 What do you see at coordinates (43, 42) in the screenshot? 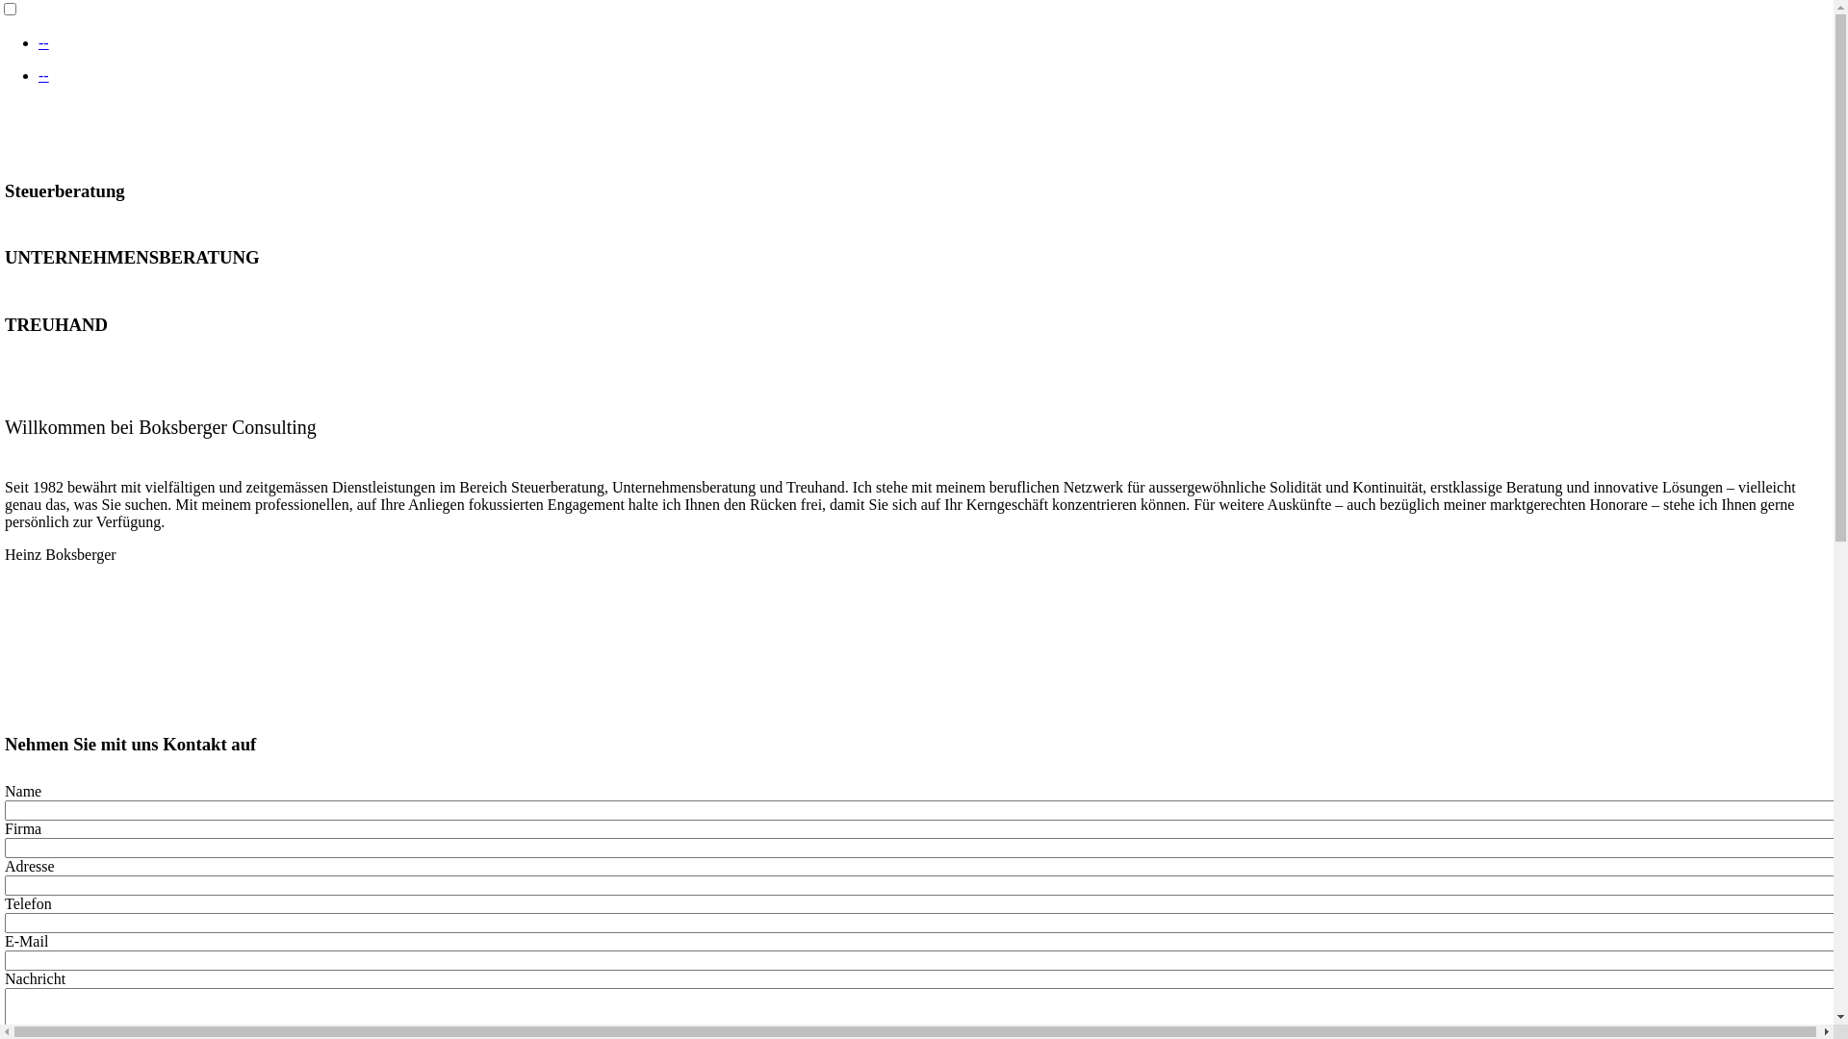
I see `'--'` at bounding box center [43, 42].